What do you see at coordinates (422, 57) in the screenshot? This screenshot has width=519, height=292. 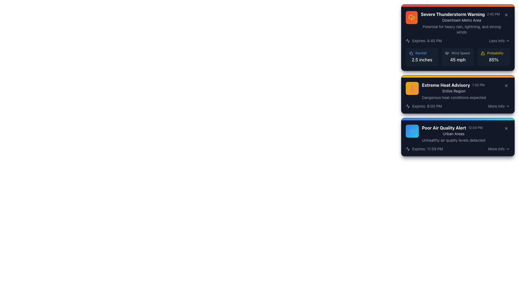 I see `the first Information card displaying rainfall data, located in the top left of the grid of weather metrics` at bounding box center [422, 57].